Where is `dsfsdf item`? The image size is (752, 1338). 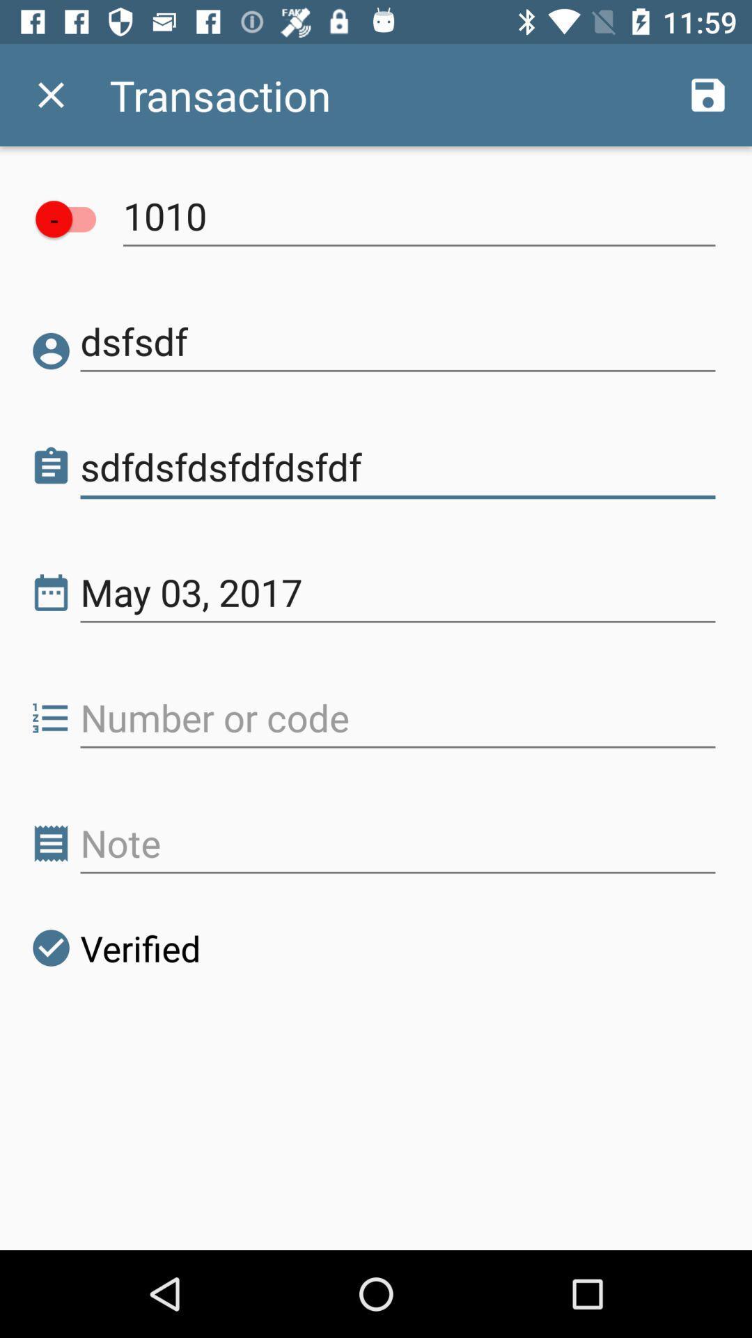 dsfsdf item is located at coordinates (398, 341).